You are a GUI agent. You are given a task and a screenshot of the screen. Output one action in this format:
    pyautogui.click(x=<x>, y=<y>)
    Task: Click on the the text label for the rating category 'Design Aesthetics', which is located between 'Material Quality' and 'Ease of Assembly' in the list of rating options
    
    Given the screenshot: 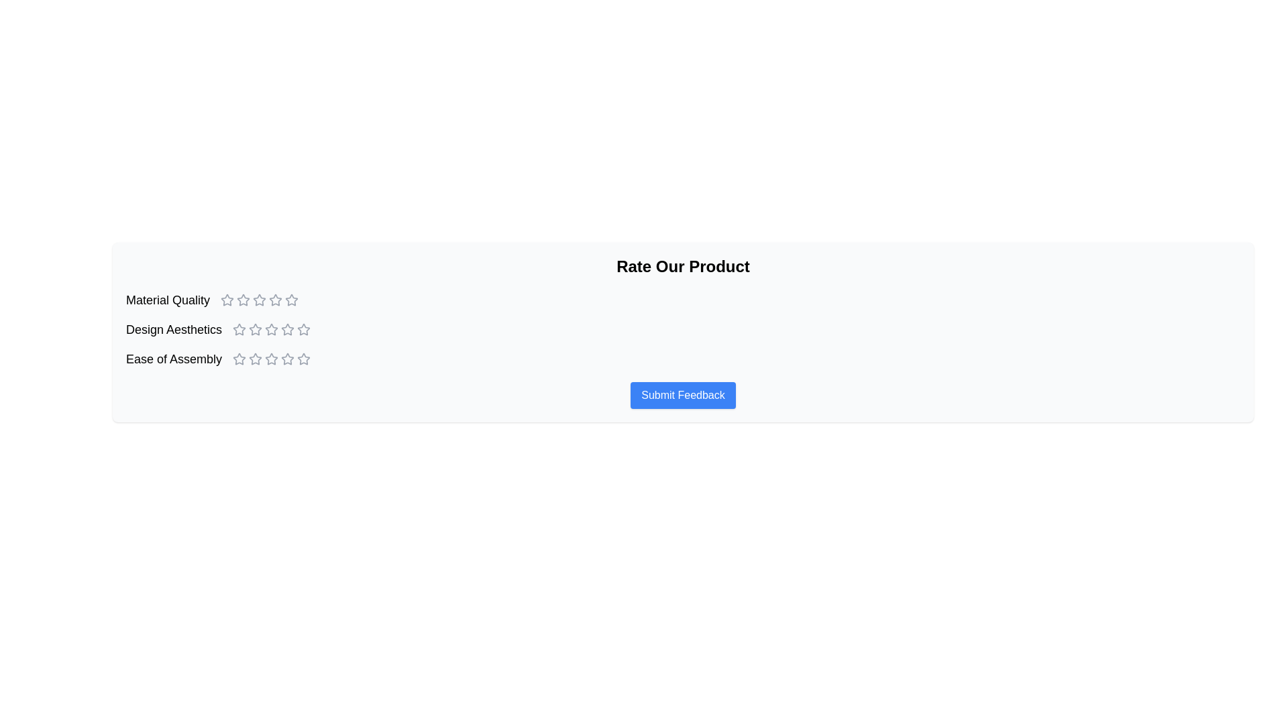 What is the action you would take?
    pyautogui.click(x=173, y=330)
    